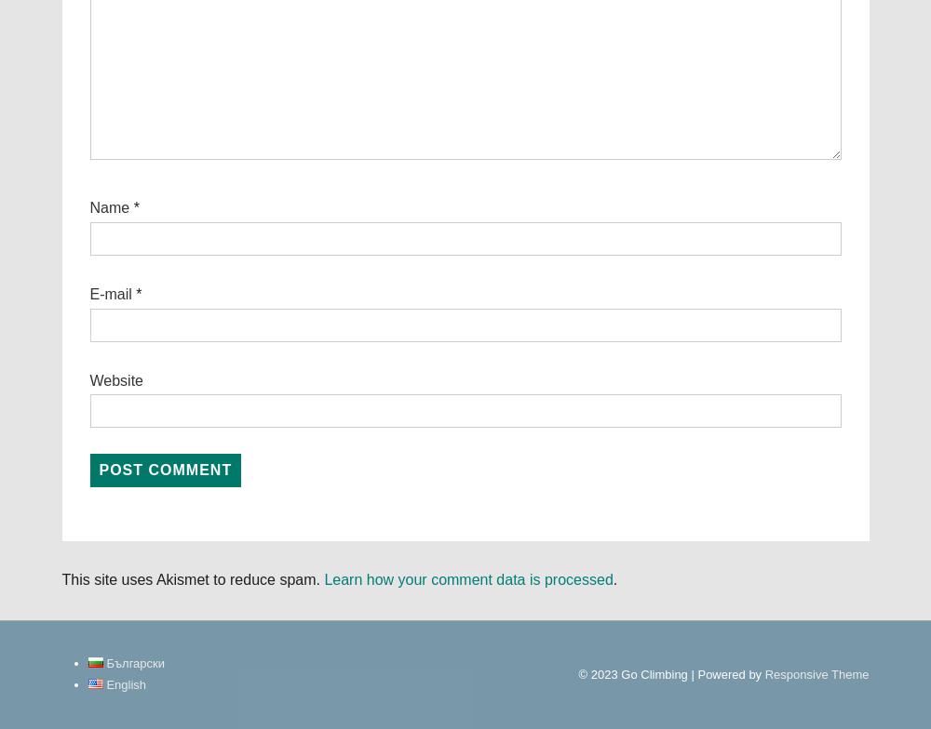  I want to click on 'Website', so click(116, 379).